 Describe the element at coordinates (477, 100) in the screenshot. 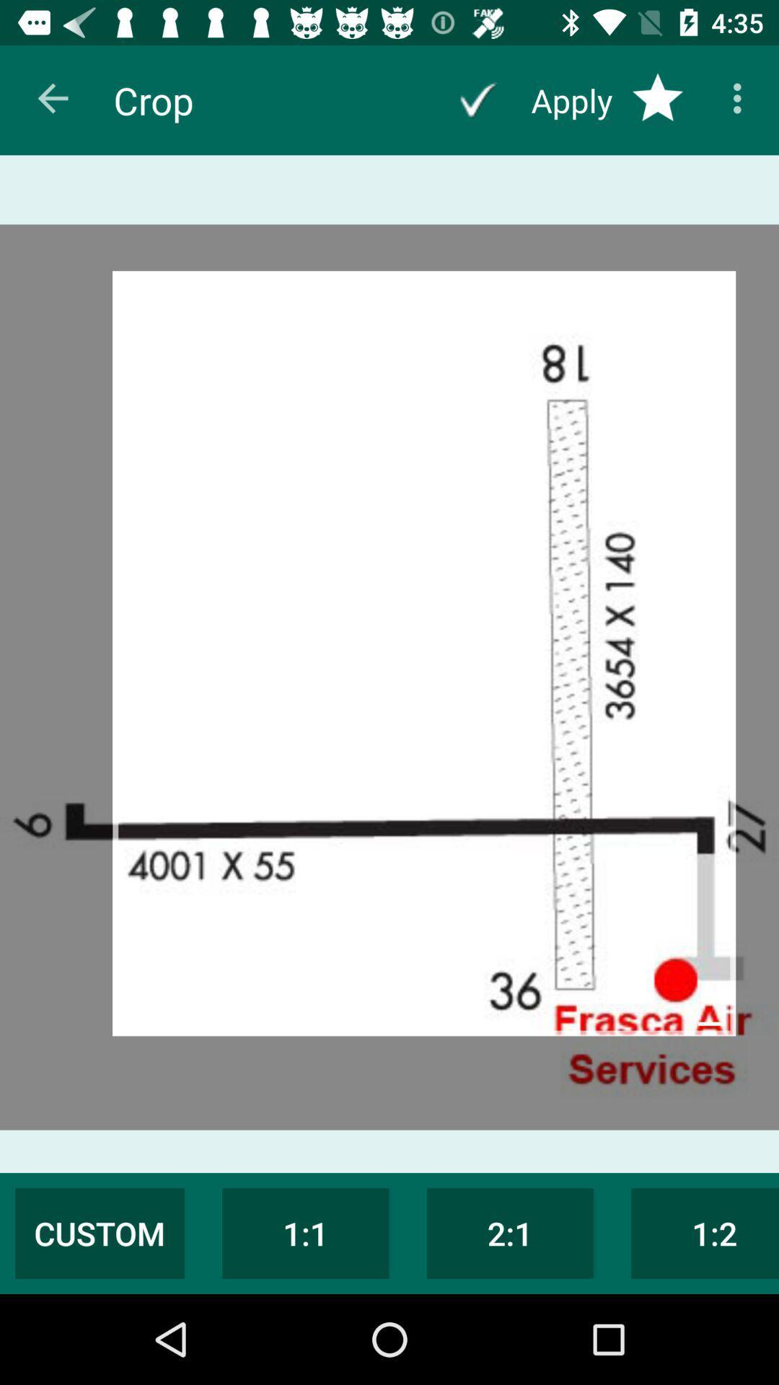

I see `apply changes` at that location.